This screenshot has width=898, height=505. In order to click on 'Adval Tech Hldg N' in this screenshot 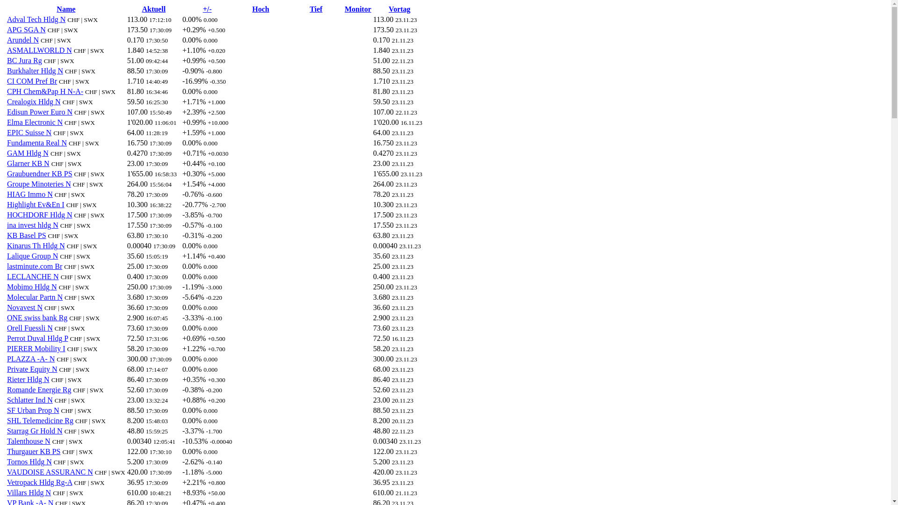, I will do `click(36, 19)`.